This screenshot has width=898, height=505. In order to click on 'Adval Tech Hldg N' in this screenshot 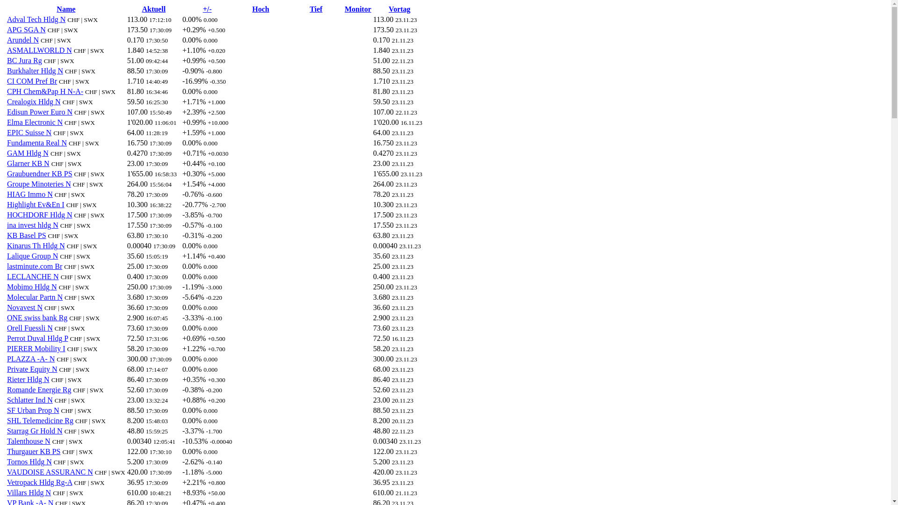, I will do `click(36, 19)`.